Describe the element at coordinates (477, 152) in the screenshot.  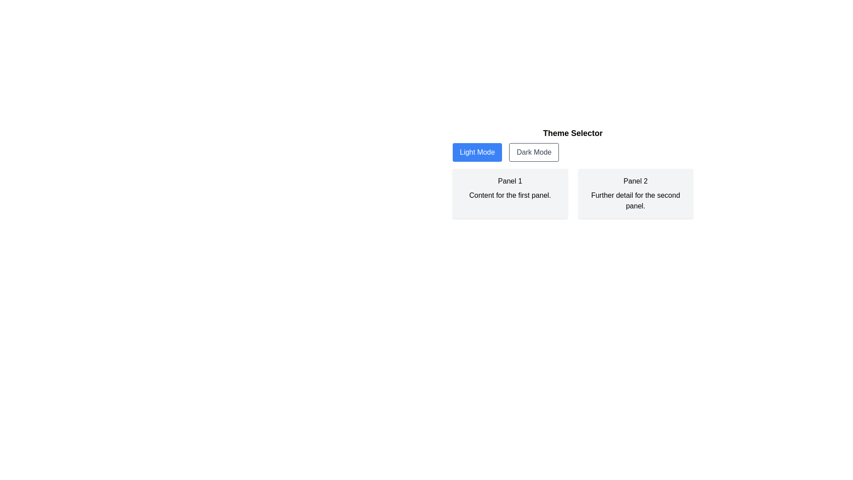
I see `the 'Light Mode' button, which is a rectangular button with a blue background and white text` at that location.